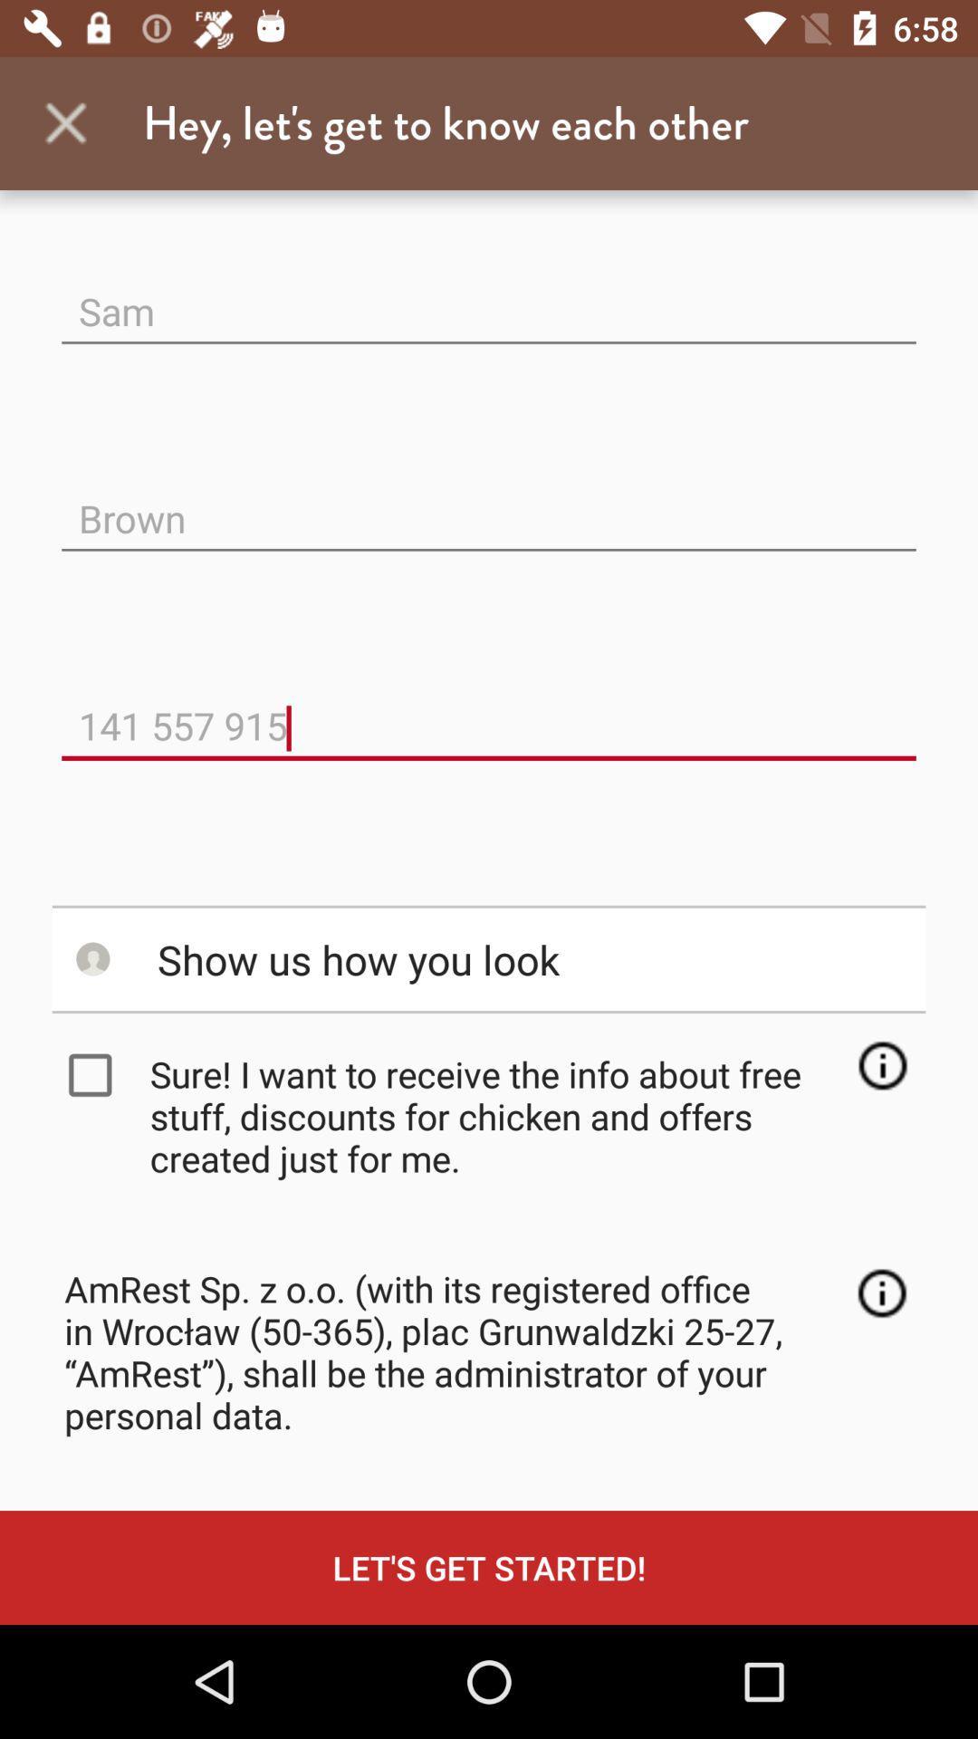 Image resolution: width=978 pixels, height=1739 pixels. Describe the element at coordinates (94, 1075) in the screenshot. I see `the item to the left of sure i want` at that location.